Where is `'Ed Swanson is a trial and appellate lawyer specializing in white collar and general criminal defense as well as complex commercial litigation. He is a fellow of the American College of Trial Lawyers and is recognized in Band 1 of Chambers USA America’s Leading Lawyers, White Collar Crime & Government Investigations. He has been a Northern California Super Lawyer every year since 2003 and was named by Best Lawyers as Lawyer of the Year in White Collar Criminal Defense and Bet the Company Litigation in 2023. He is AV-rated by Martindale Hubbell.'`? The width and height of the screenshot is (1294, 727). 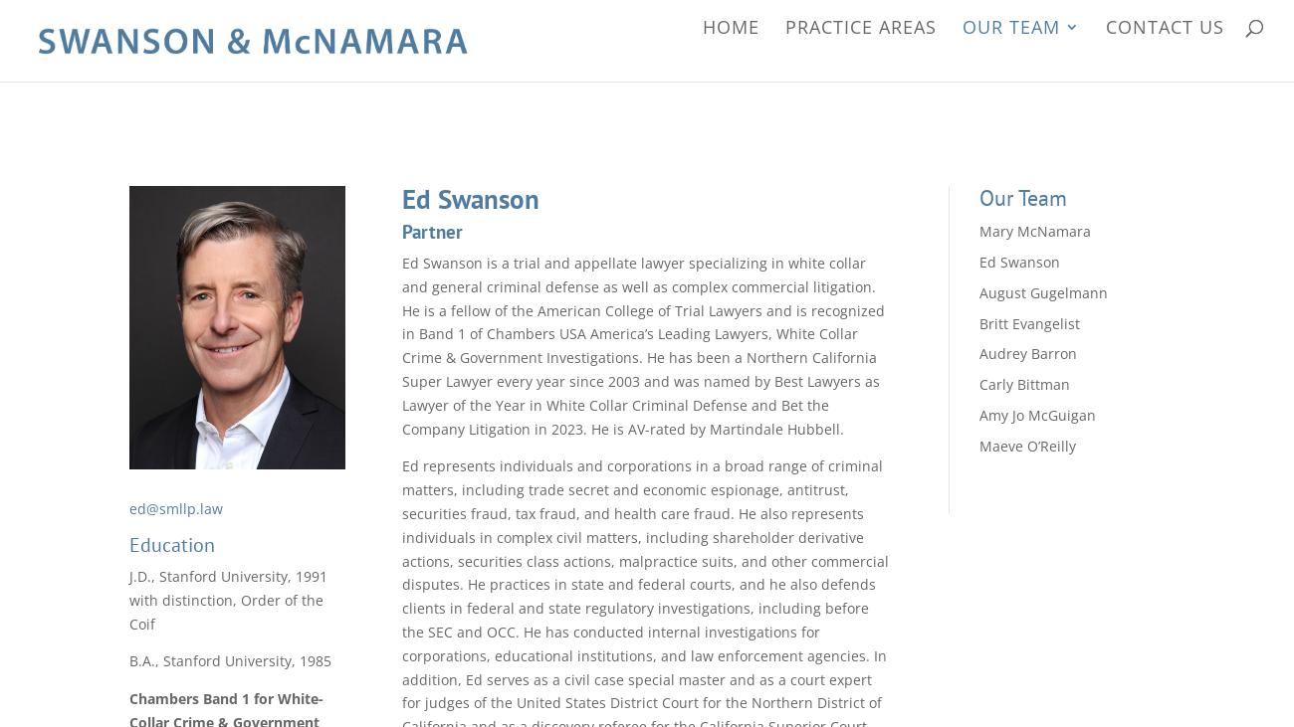 'Ed Swanson is a trial and appellate lawyer specializing in white collar and general criminal defense as well as complex commercial litigation. He is a fellow of the American College of Trial Lawyers and is recognized in Band 1 of Chambers USA America’s Leading Lawyers, White Collar Crime & Government Investigations. He has been a Northern California Super Lawyer every year since 2003 and was named by Best Lawyers as Lawyer of the Year in White Collar Criminal Defense and Bet the Company Litigation in 2023. He is AV-rated by Martindale Hubbell.' is located at coordinates (643, 344).